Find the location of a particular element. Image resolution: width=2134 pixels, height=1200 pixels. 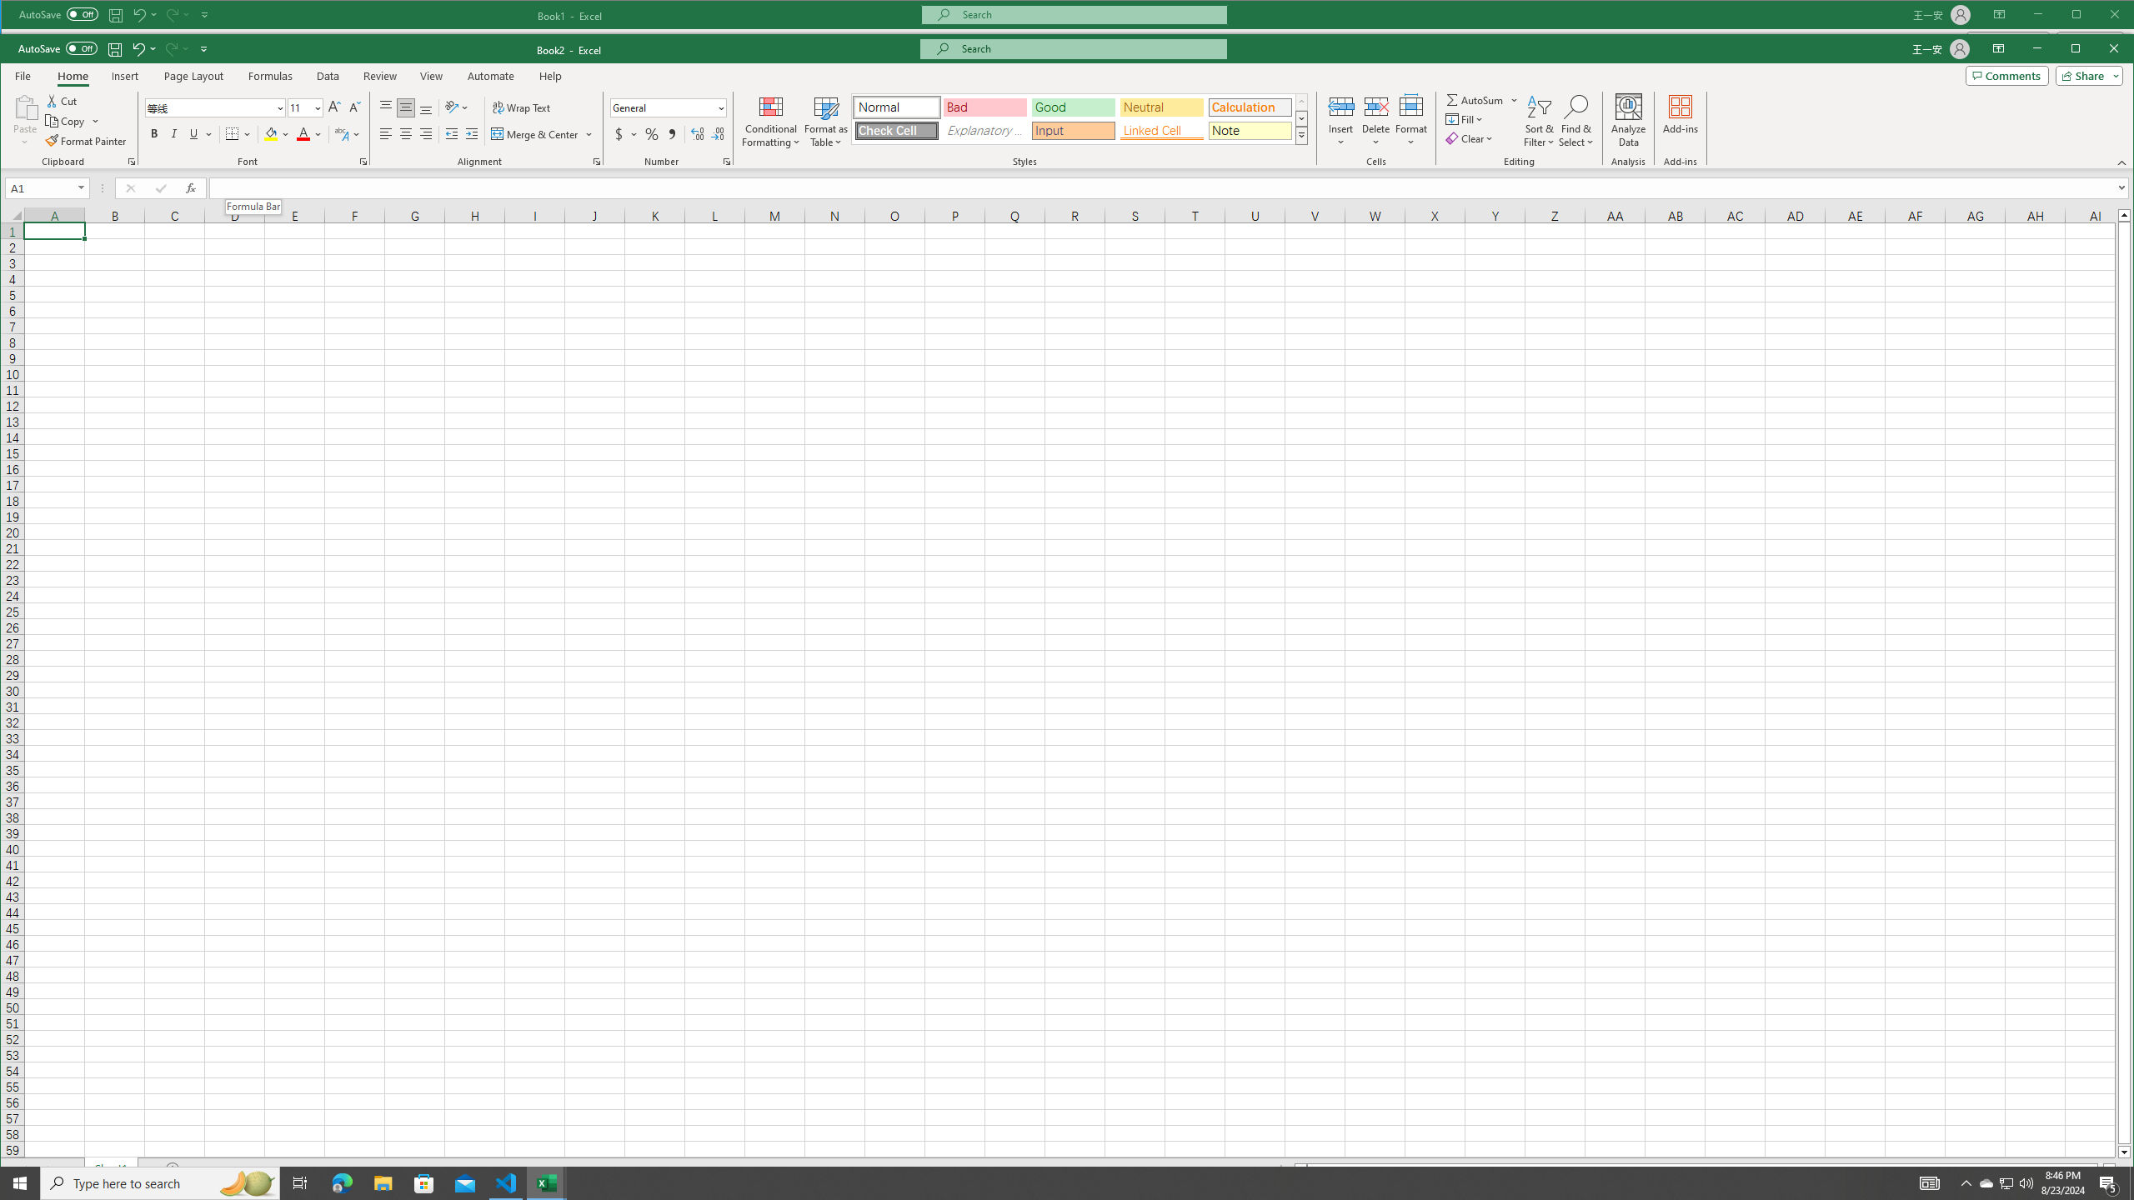

'Find & Select' is located at coordinates (1576, 121).